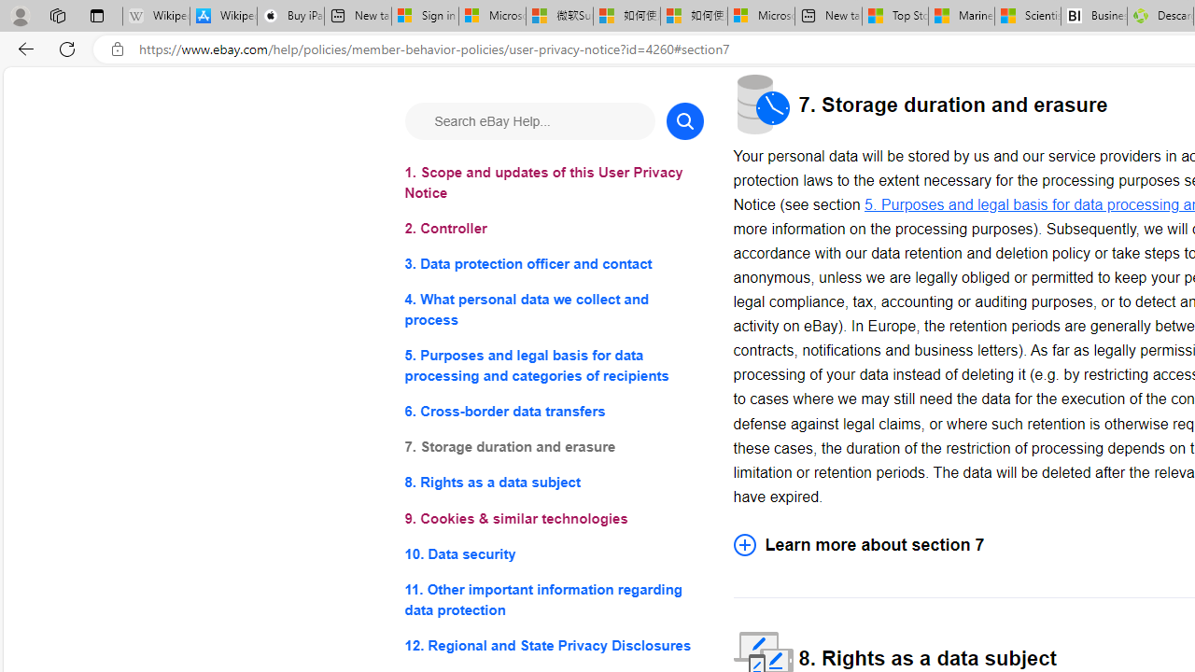 The height and width of the screenshot is (672, 1195). What do you see at coordinates (553, 599) in the screenshot?
I see `'11. Other important information regarding data protection'` at bounding box center [553, 599].